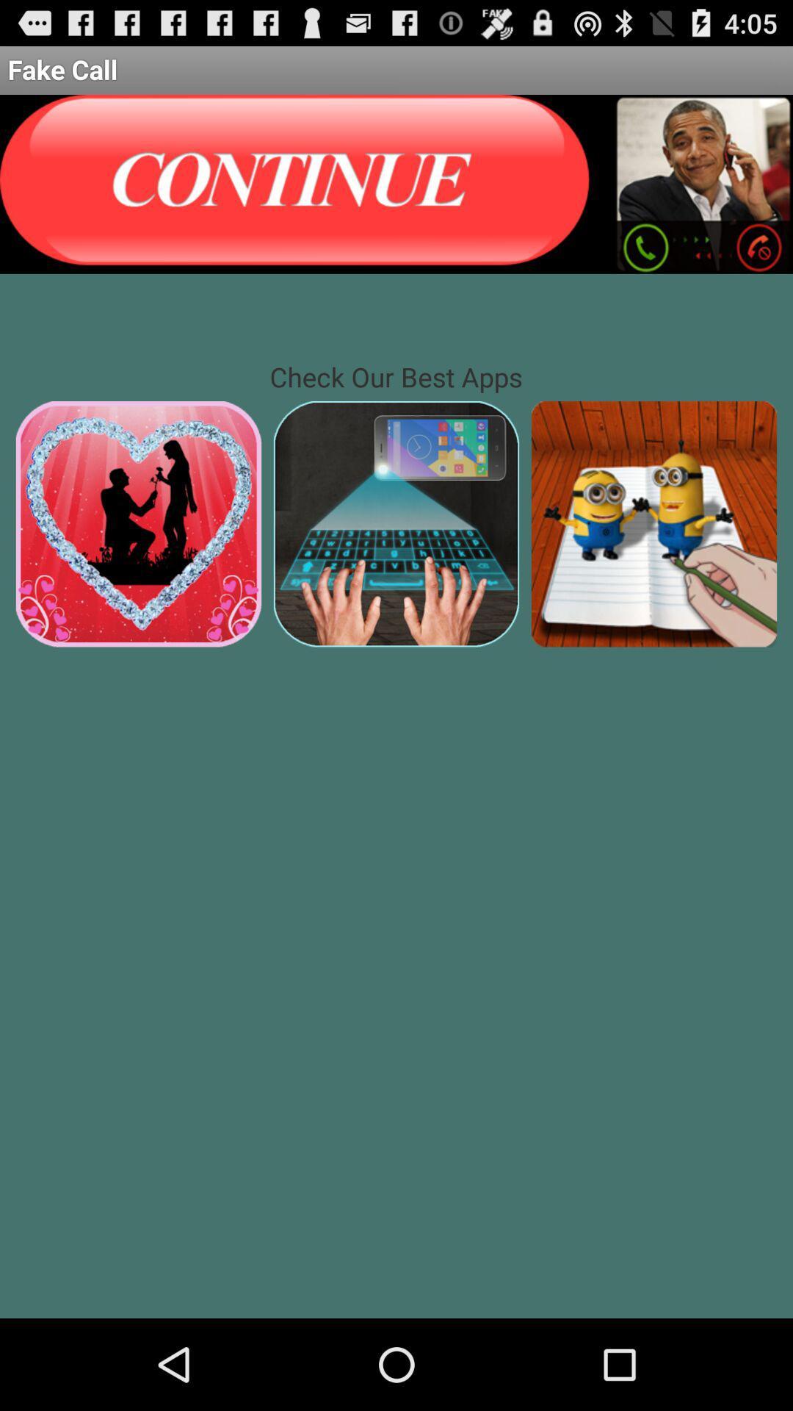 Image resolution: width=793 pixels, height=1411 pixels. I want to click on minion option, so click(653, 524).